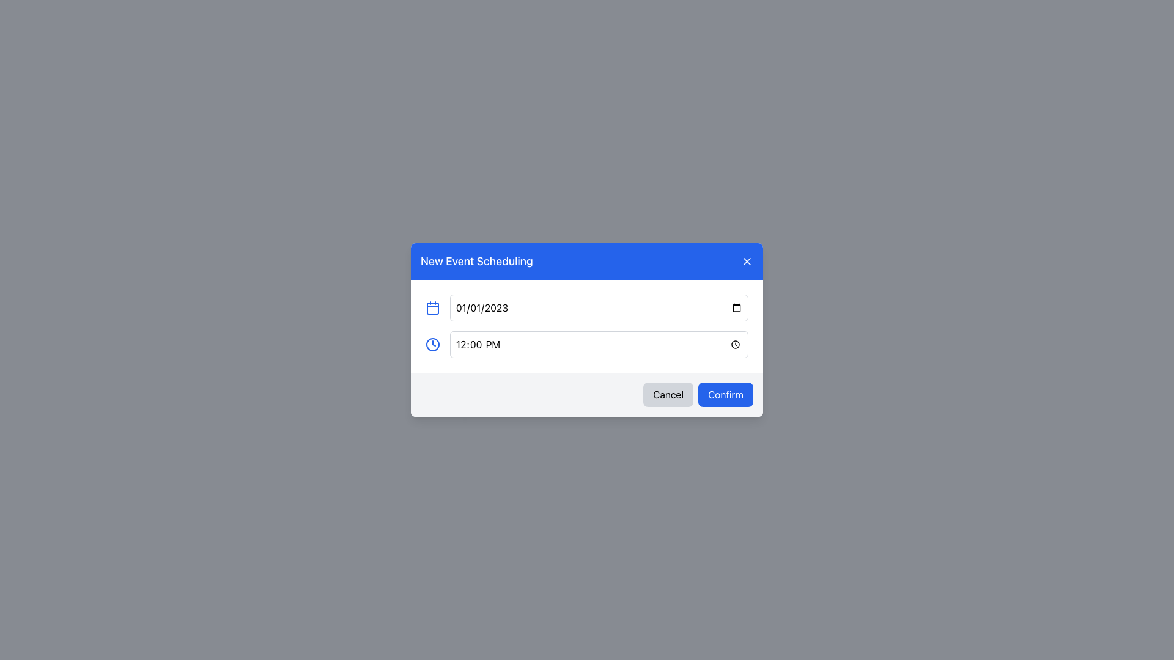 Image resolution: width=1174 pixels, height=660 pixels. I want to click on the 'X' icon button located in the top-right corner of the blue header bar of the modal dialog, so click(747, 261).